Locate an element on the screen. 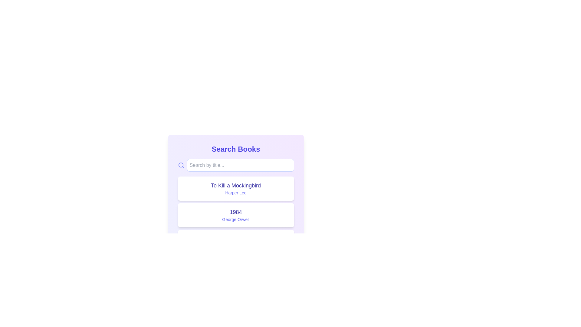 This screenshot has height=327, width=581. book title displayed in the text label located at the top of the white, rounded card in the middle of the interface is located at coordinates (235, 212).